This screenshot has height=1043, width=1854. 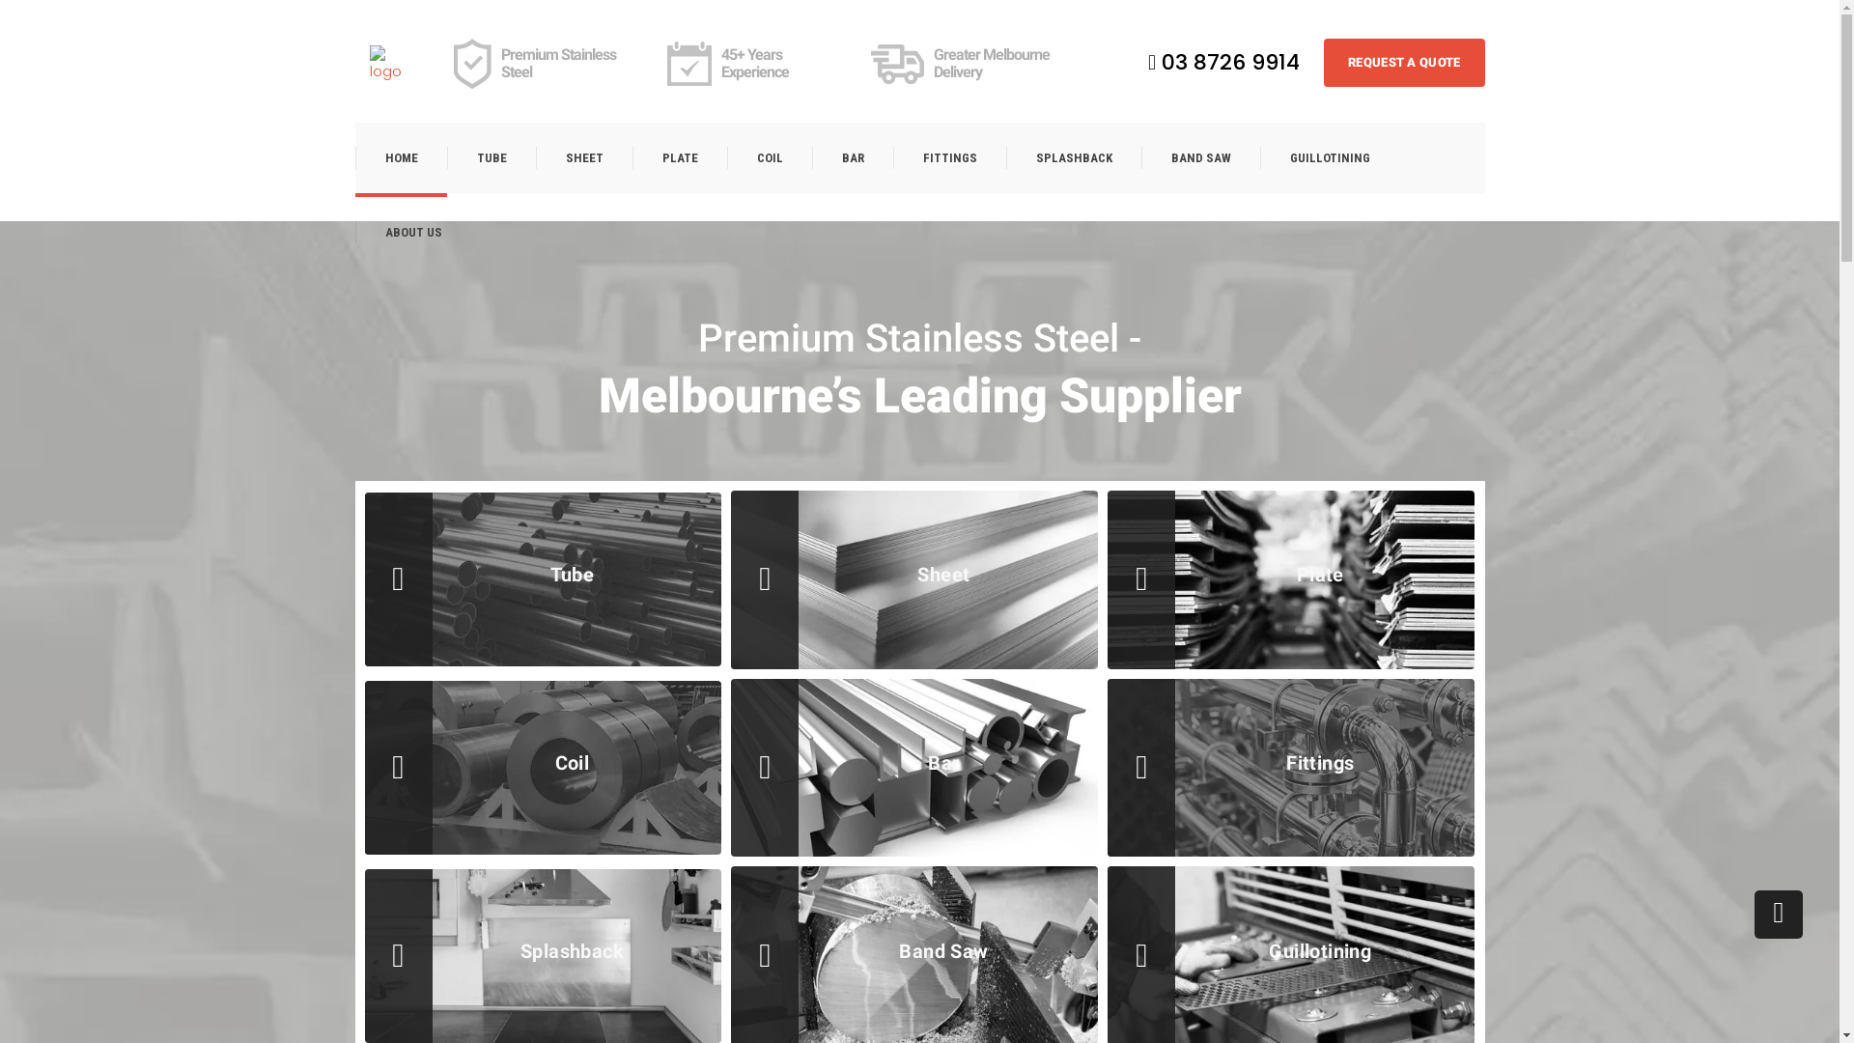 What do you see at coordinates (1155, 949) in the screenshot?
I see `'Guillotining'` at bounding box center [1155, 949].